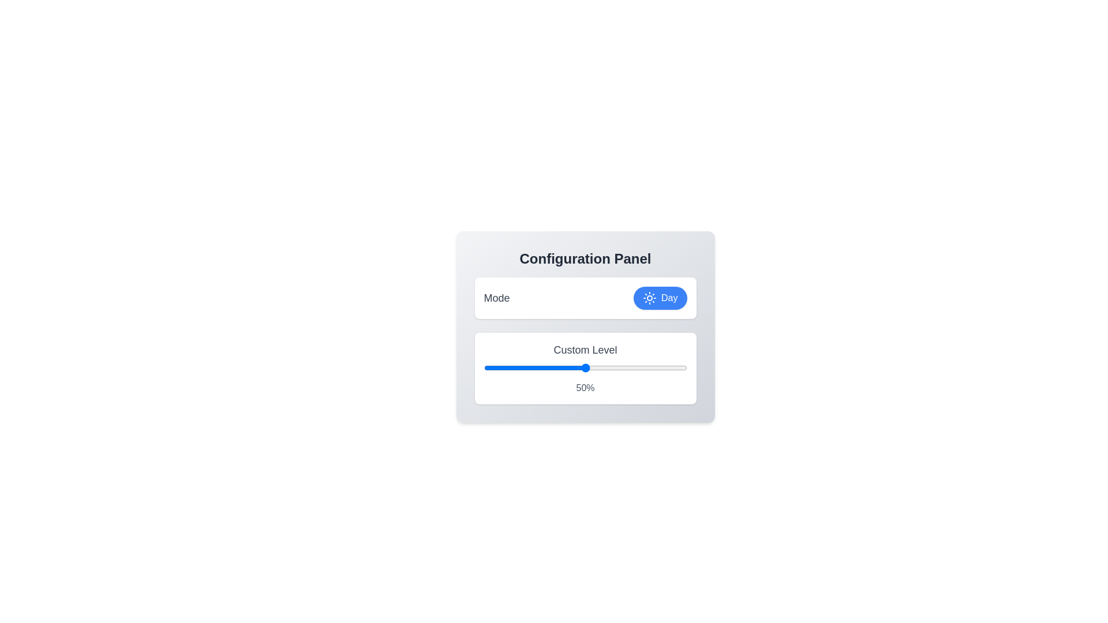 The width and height of the screenshot is (1108, 623). What do you see at coordinates (683, 367) in the screenshot?
I see `the slider to set the custom level to 98%` at bounding box center [683, 367].